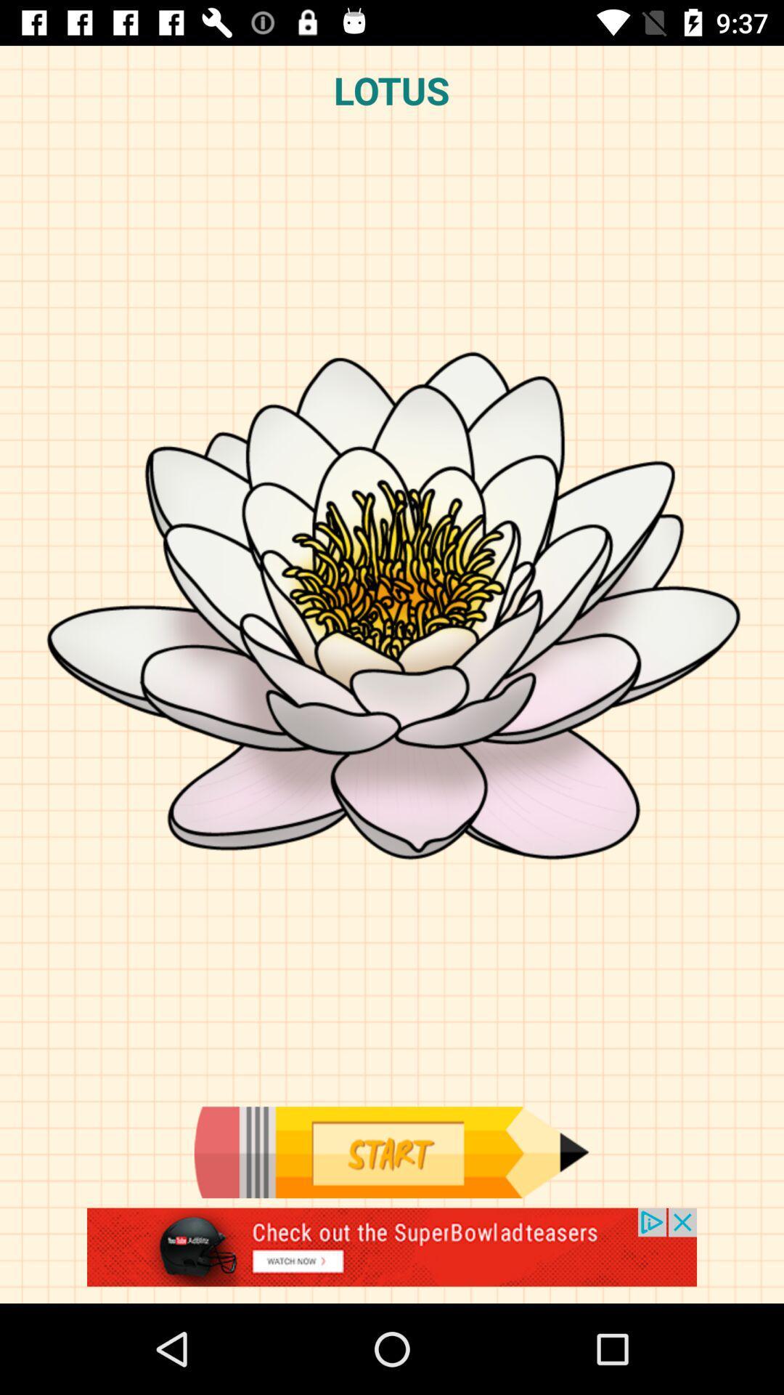  What do you see at coordinates (391, 1152) in the screenshot?
I see `start game` at bounding box center [391, 1152].